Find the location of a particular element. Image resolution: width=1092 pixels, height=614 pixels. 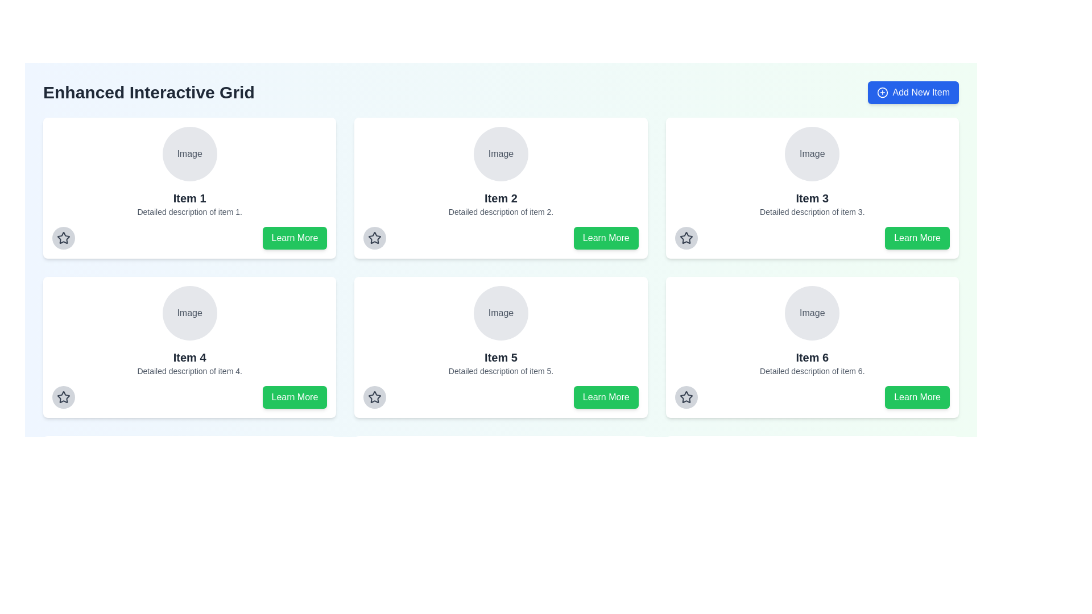

the bold, dark gray text 'Item 6' located at the bottom center of the lower-right card in a grid of six cards, situated below an image placeholder and above a description text is located at coordinates (812, 356).